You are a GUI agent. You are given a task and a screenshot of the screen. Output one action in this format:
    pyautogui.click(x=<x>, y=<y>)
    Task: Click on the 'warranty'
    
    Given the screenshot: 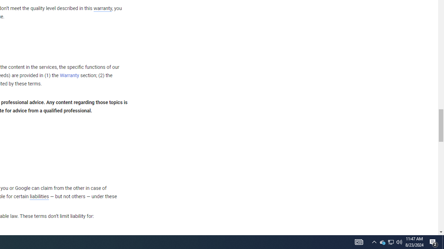 What is the action you would take?
    pyautogui.click(x=102, y=9)
    